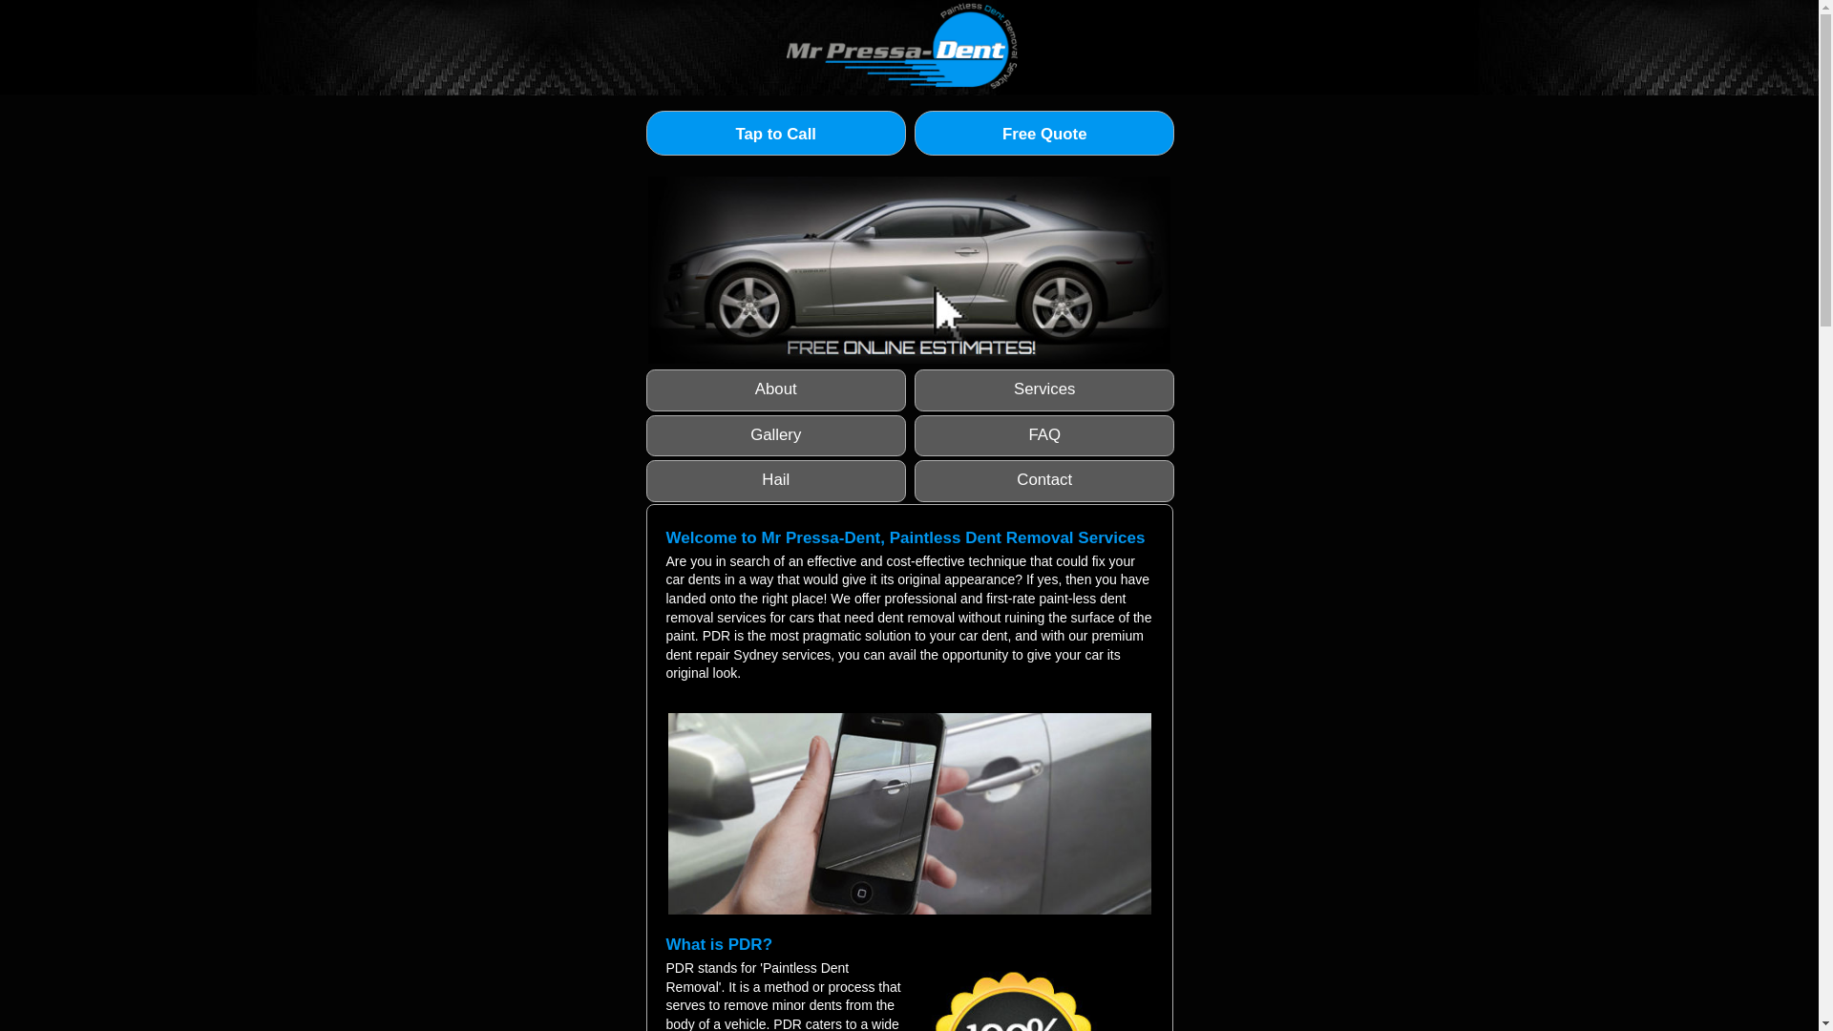 The image size is (1833, 1031). I want to click on 'Gallery', so click(774, 435).